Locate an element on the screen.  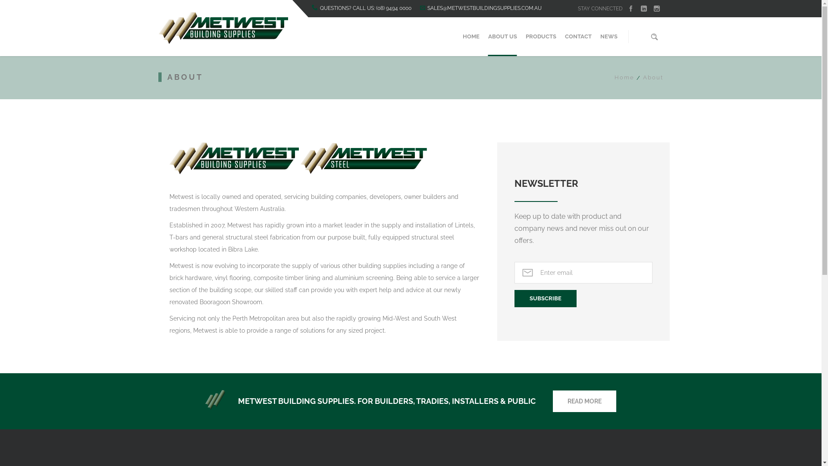
'HOME' is located at coordinates (470, 36).